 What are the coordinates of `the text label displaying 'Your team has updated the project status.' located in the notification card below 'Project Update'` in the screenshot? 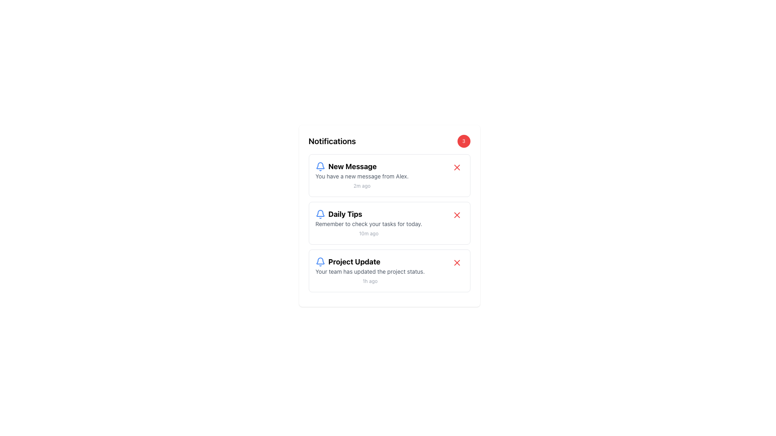 It's located at (369, 271).